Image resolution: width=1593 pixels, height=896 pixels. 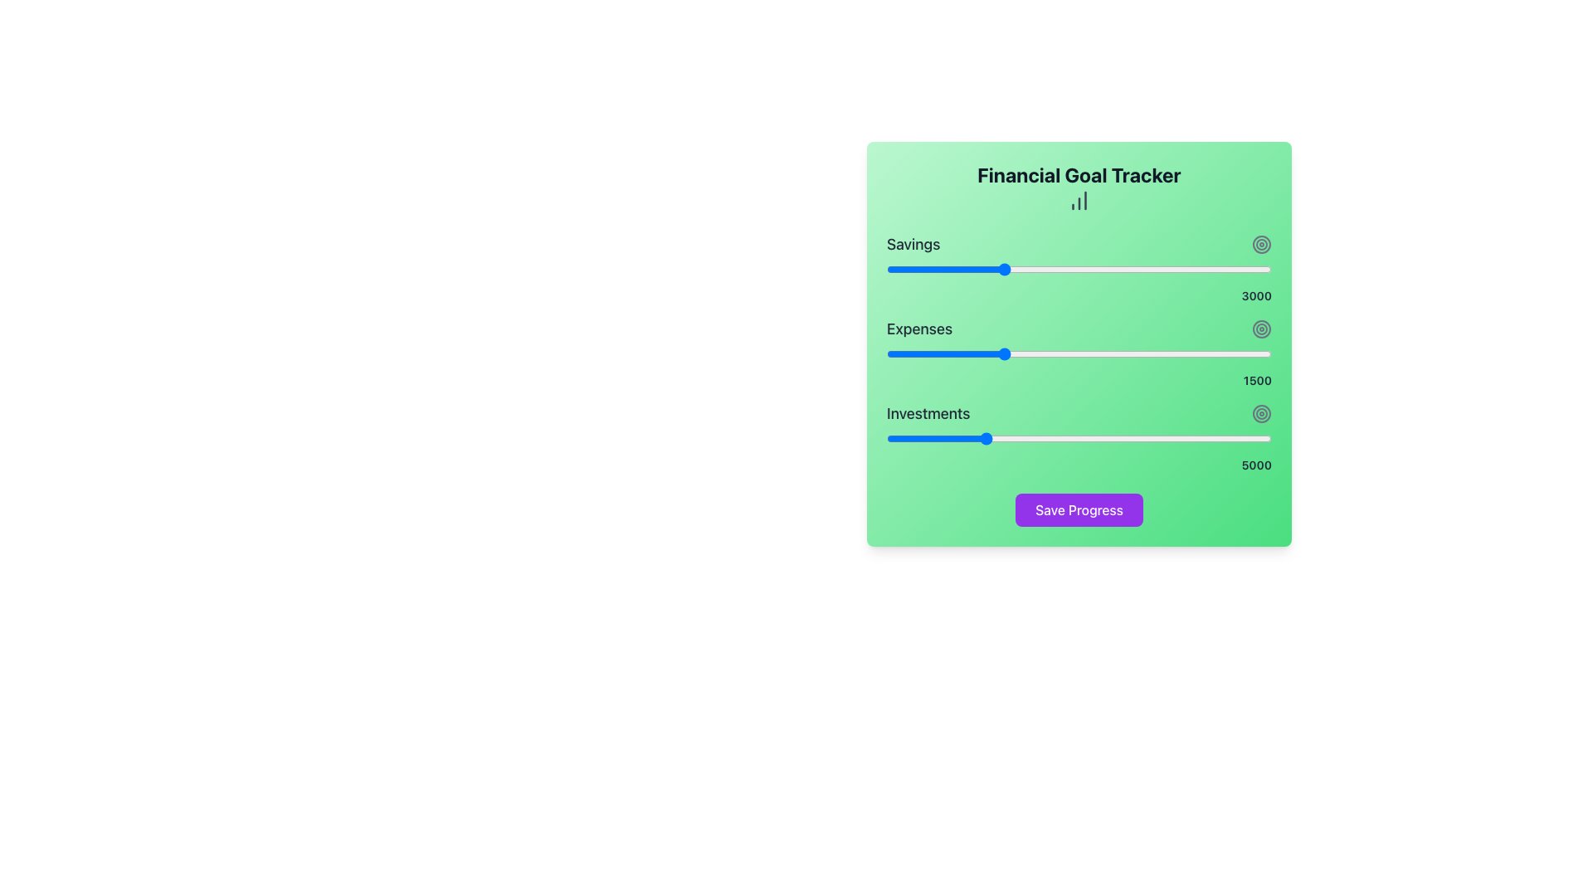 I want to click on the investment goal, so click(x=895, y=437).